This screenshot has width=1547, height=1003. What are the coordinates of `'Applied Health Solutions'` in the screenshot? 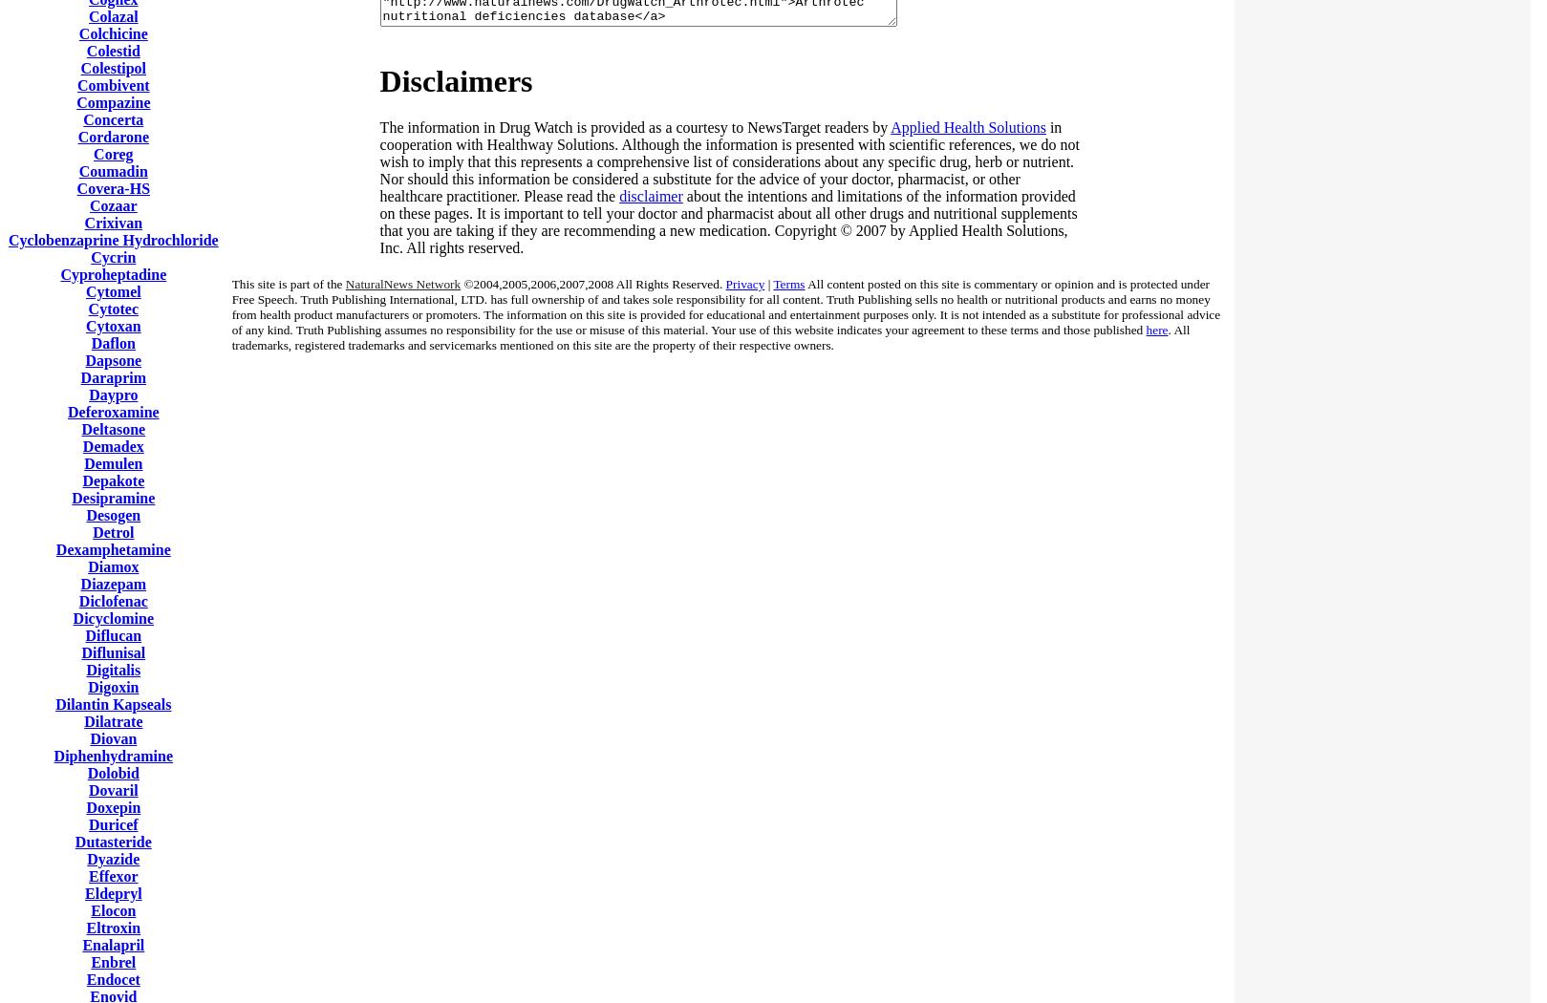 It's located at (968, 126).